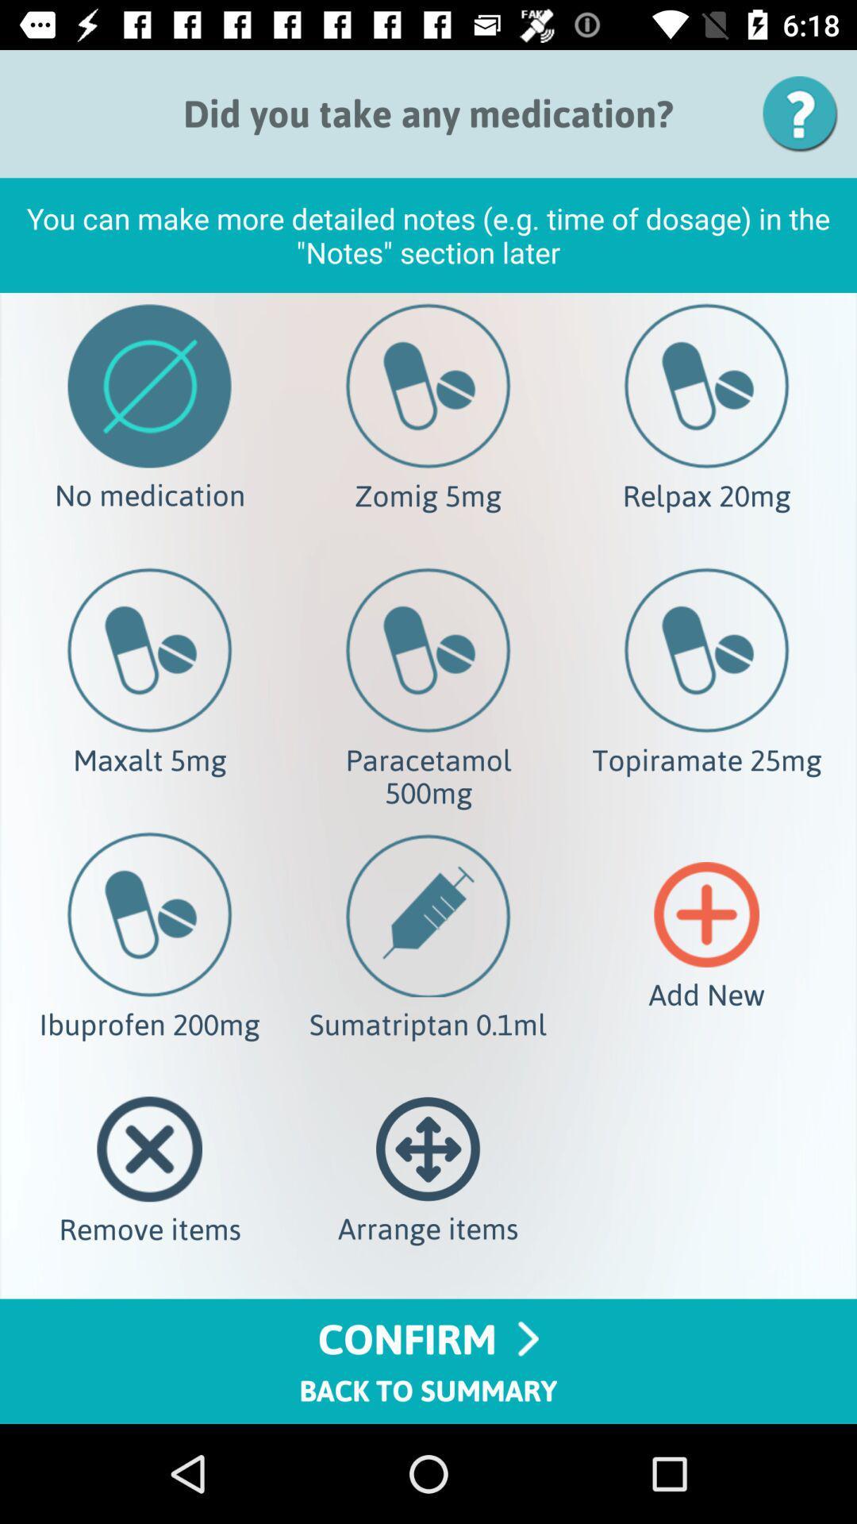 Image resolution: width=857 pixels, height=1524 pixels. Describe the element at coordinates (805, 113) in the screenshot. I see `the help icon` at that location.